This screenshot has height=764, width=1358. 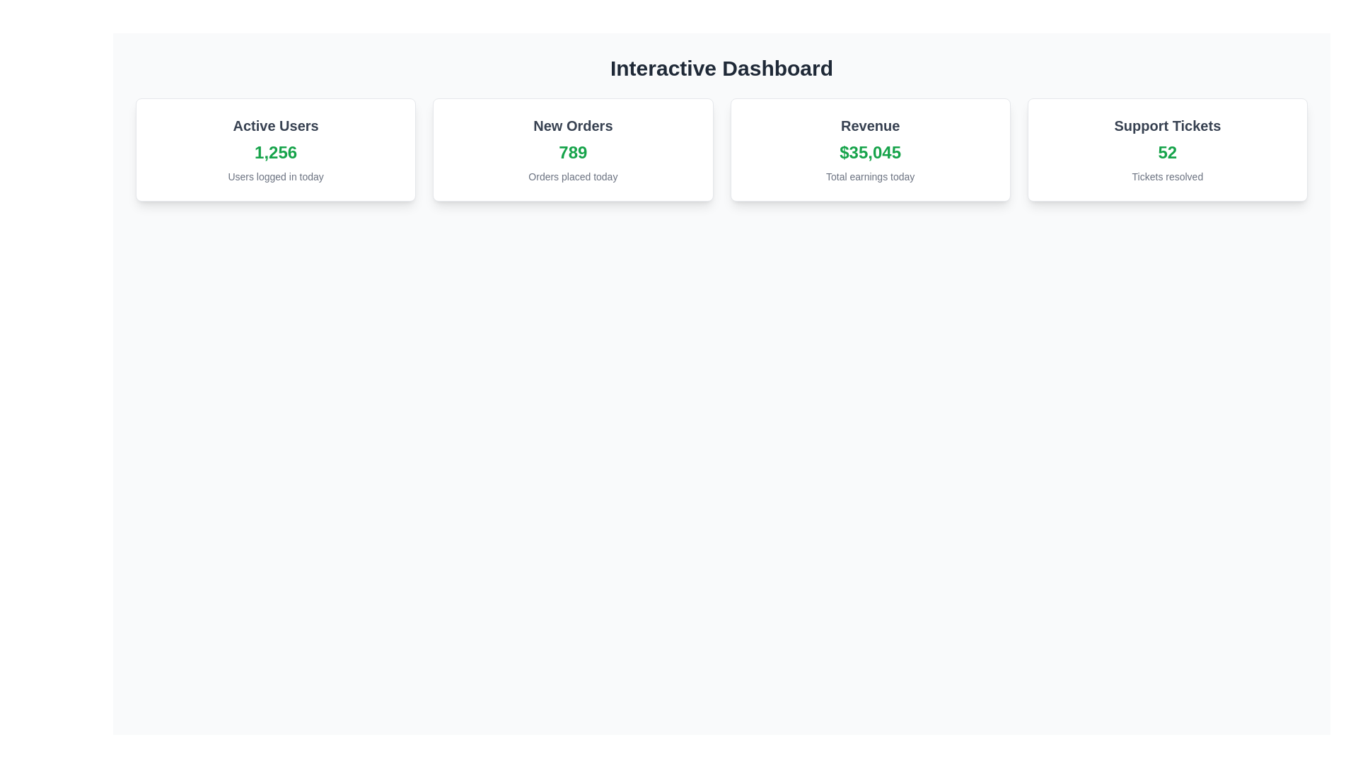 What do you see at coordinates (869, 153) in the screenshot?
I see `the static text element displaying the revenue figure on the dashboard, located between the heading 'Revenue' and the description 'Total earnings today'` at bounding box center [869, 153].